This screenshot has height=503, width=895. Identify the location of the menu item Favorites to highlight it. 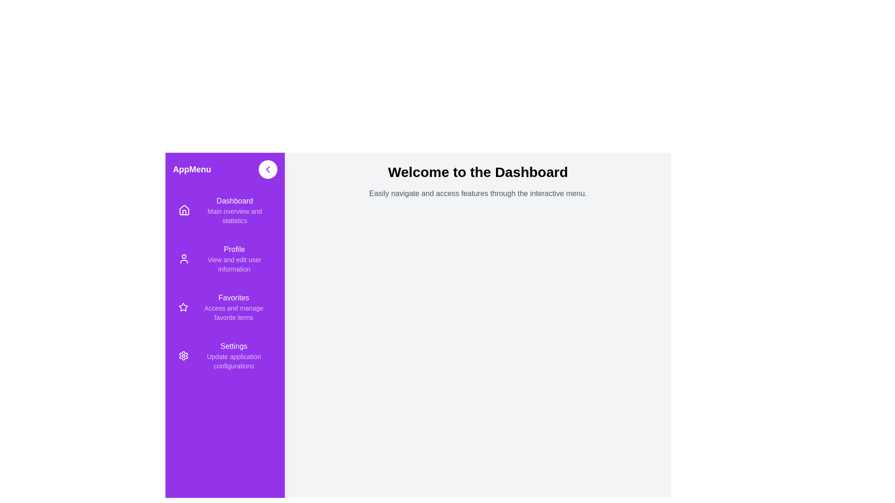
(225, 307).